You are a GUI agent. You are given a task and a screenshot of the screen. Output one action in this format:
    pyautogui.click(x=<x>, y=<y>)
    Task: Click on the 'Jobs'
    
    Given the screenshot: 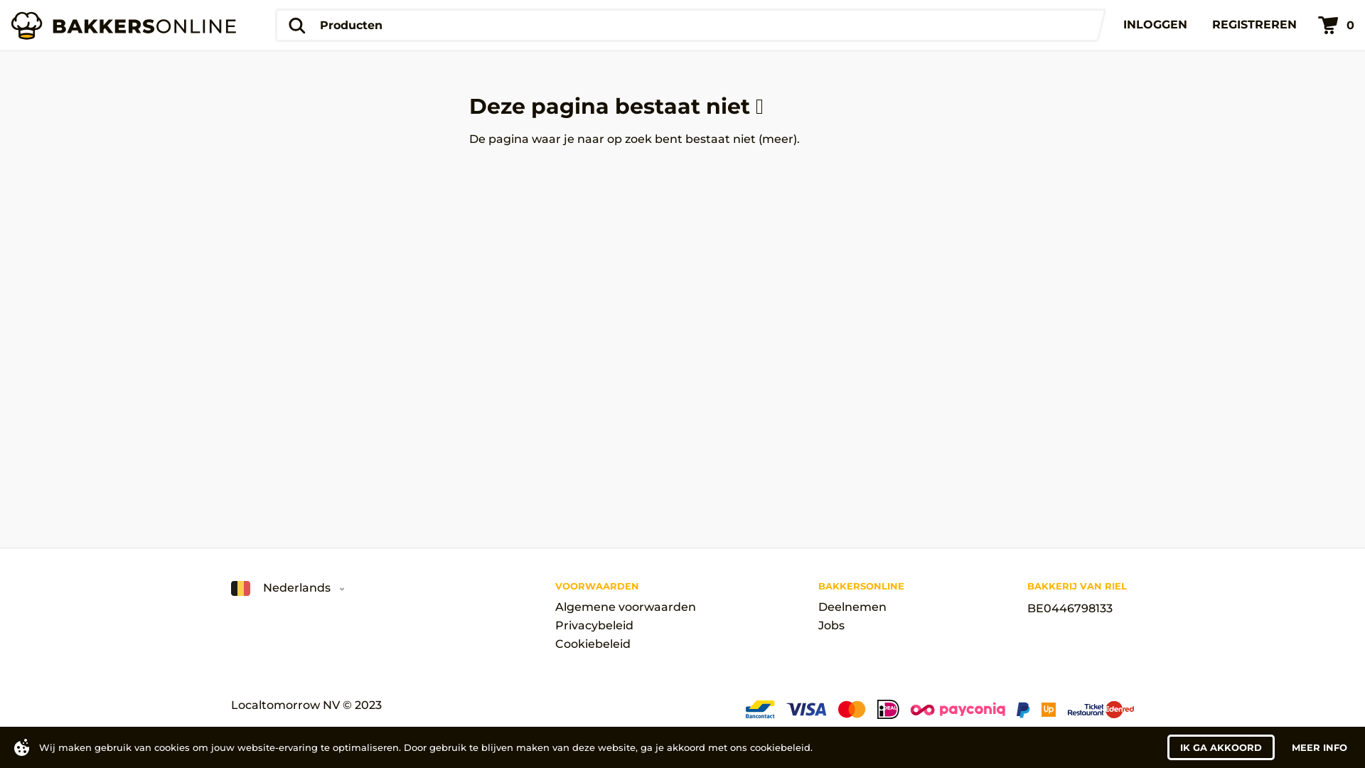 What is the action you would take?
    pyautogui.click(x=818, y=624)
    